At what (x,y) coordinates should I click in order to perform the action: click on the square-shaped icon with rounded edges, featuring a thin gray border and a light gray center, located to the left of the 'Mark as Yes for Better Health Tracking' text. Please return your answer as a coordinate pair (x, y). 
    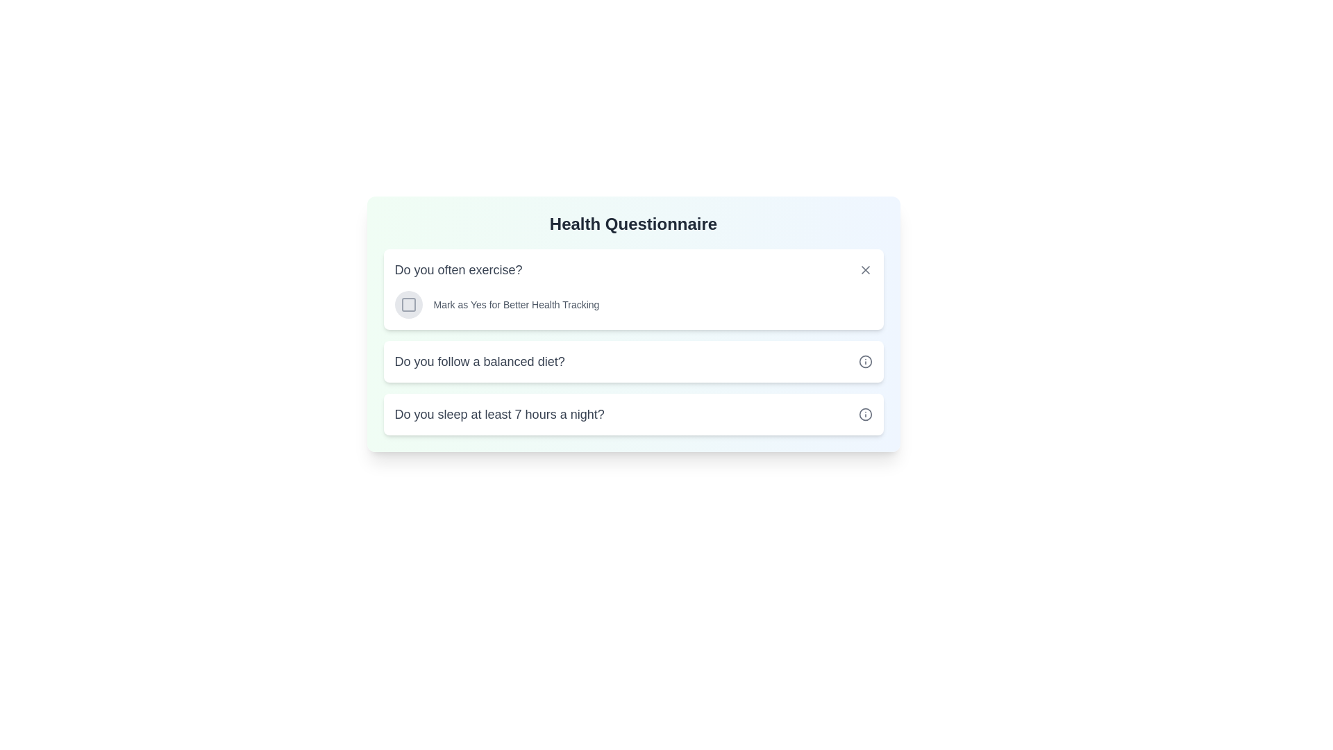
    Looking at the image, I should click on (408, 304).